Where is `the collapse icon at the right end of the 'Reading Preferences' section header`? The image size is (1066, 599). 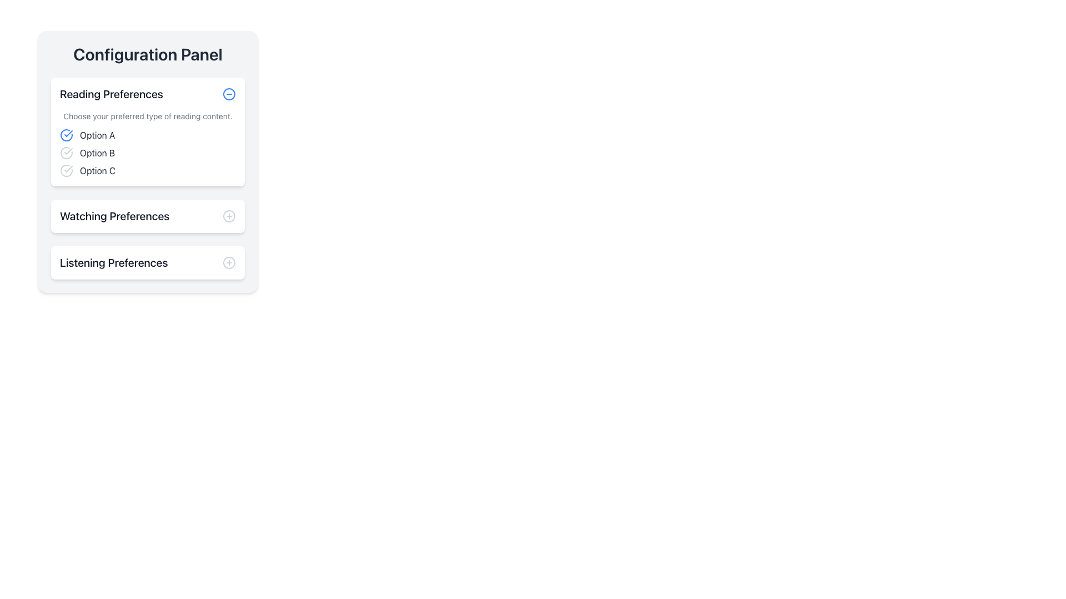 the collapse icon at the right end of the 'Reading Preferences' section header is located at coordinates (228, 93).